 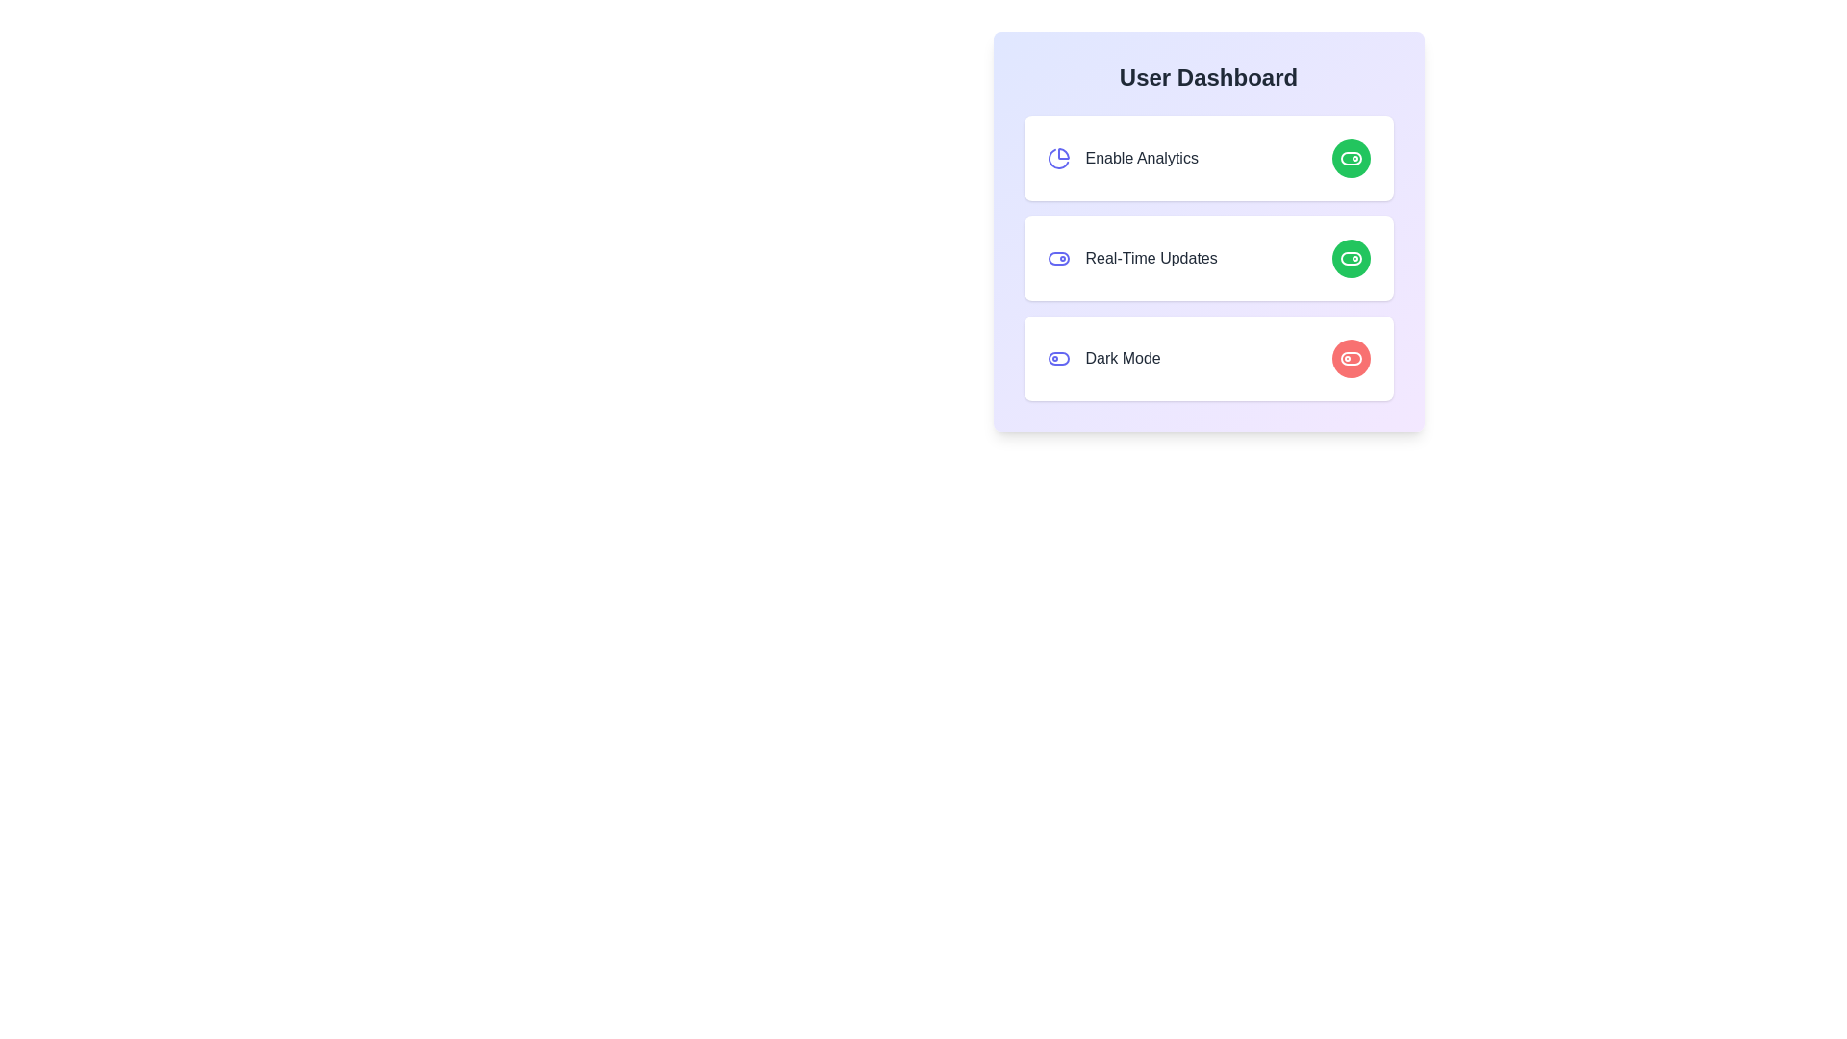 What do you see at coordinates (1103, 359) in the screenshot?
I see `the 'Dark Mode' toggle label and icon in the User Dashboard, which is the third item in the vertical list, positioned between 'Real-Time Updates' and the next item` at bounding box center [1103, 359].